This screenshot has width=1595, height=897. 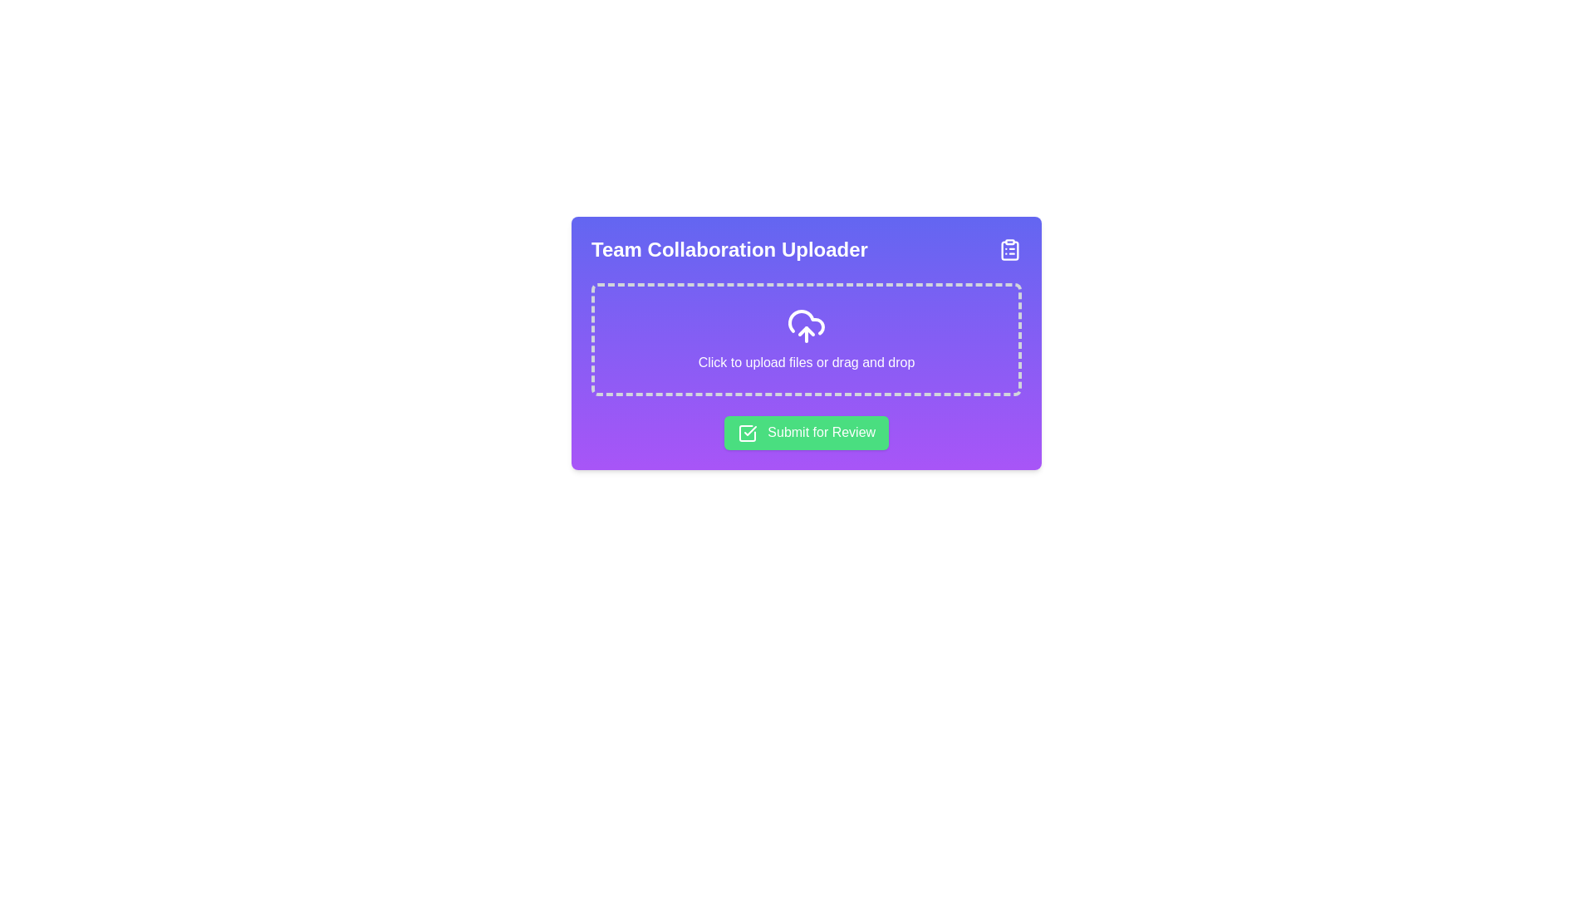 I want to click on the green 'Submit for Review' button with a checkmark icon to observe its hover effects, so click(x=806, y=432).